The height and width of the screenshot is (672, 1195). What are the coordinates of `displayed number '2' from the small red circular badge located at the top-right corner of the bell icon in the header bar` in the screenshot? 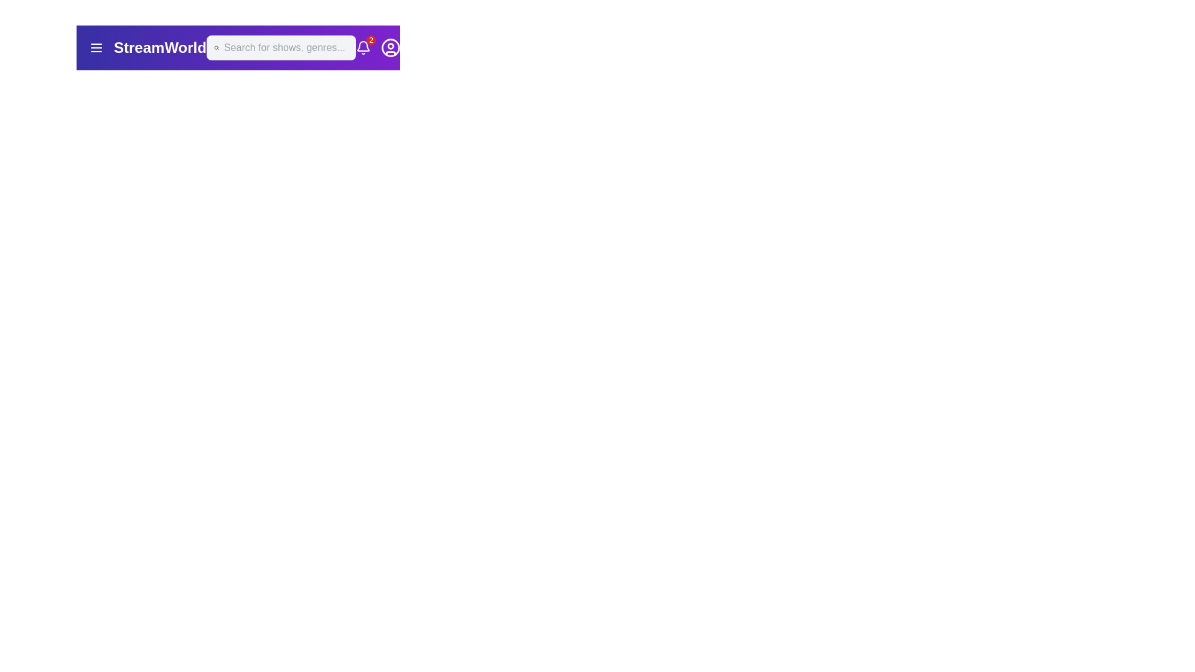 It's located at (362, 47).